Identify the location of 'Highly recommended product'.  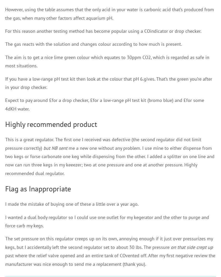
(5, 124).